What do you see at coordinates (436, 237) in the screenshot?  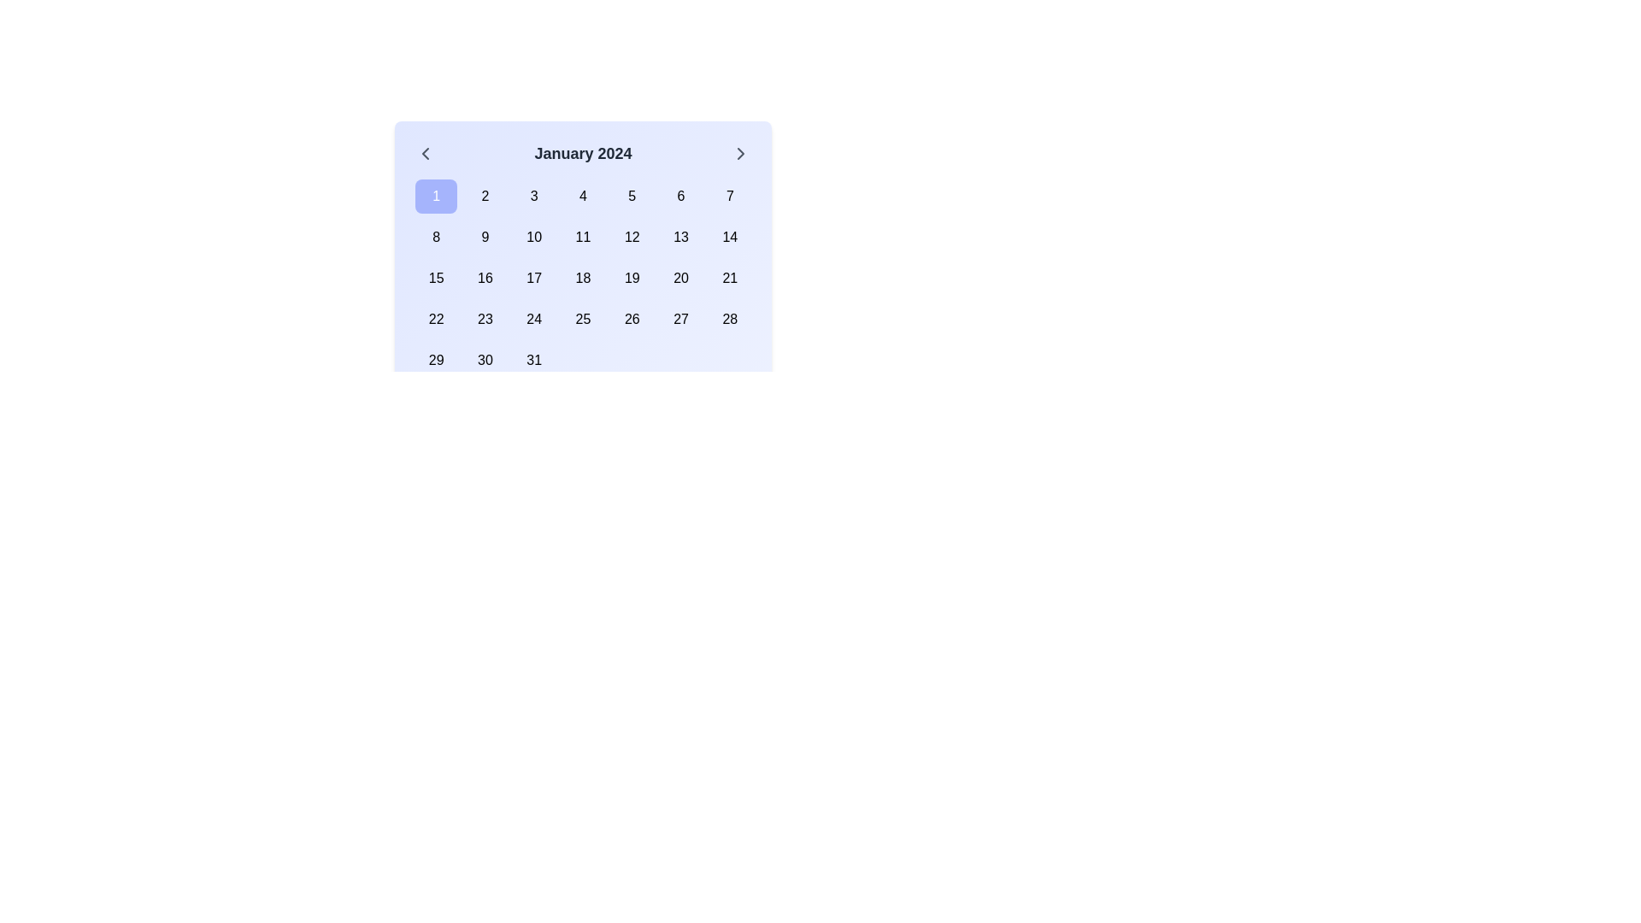 I see `the button representing the date '8'` at bounding box center [436, 237].